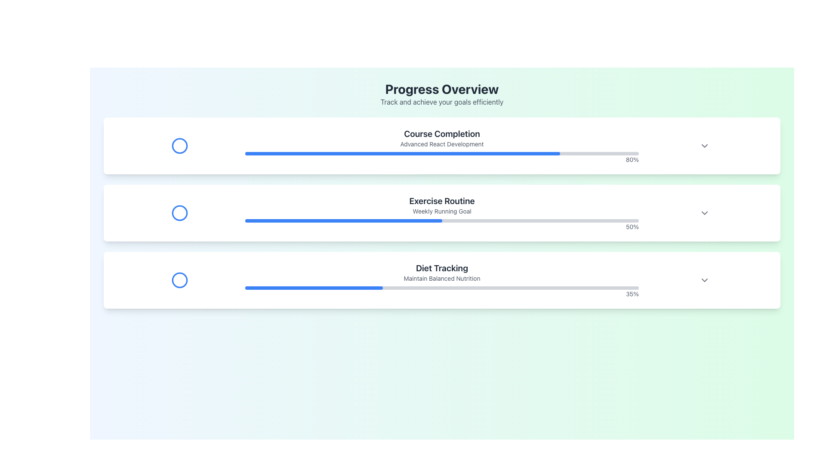 Image resolution: width=826 pixels, height=465 pixels. Describe the element at coordinates (236, 146) in the screenshot. I see `the slider handle` at that location.